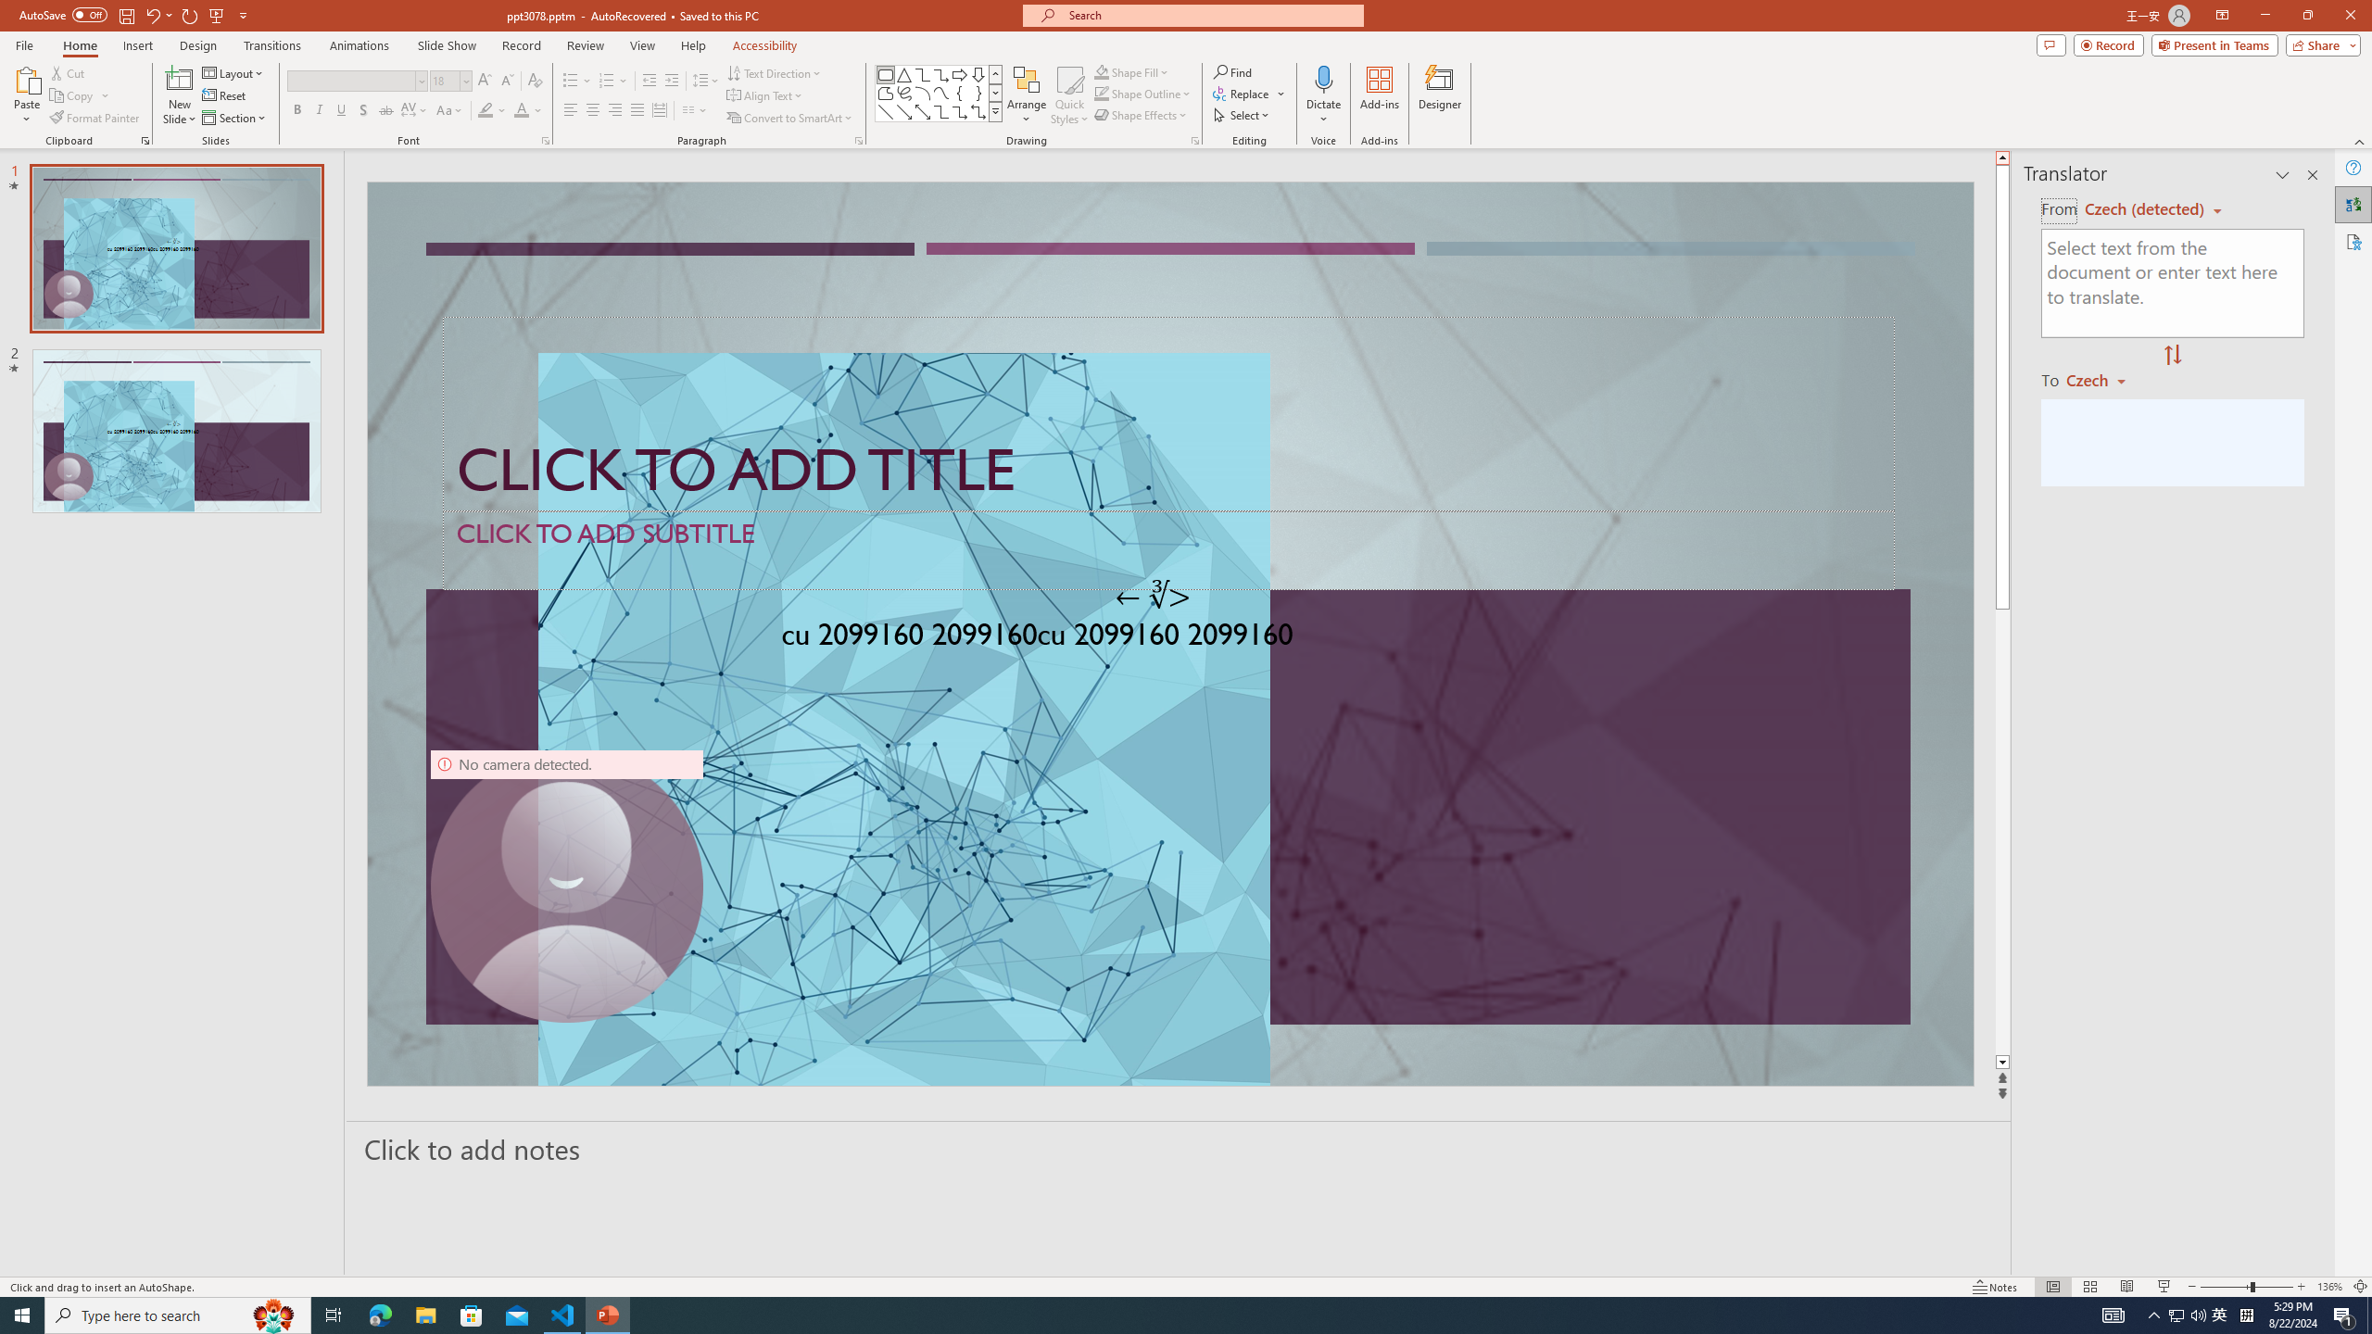 This screenshot has height=1334, width=2372. I want to click on 'TextBox 7', so click(1153, 596).